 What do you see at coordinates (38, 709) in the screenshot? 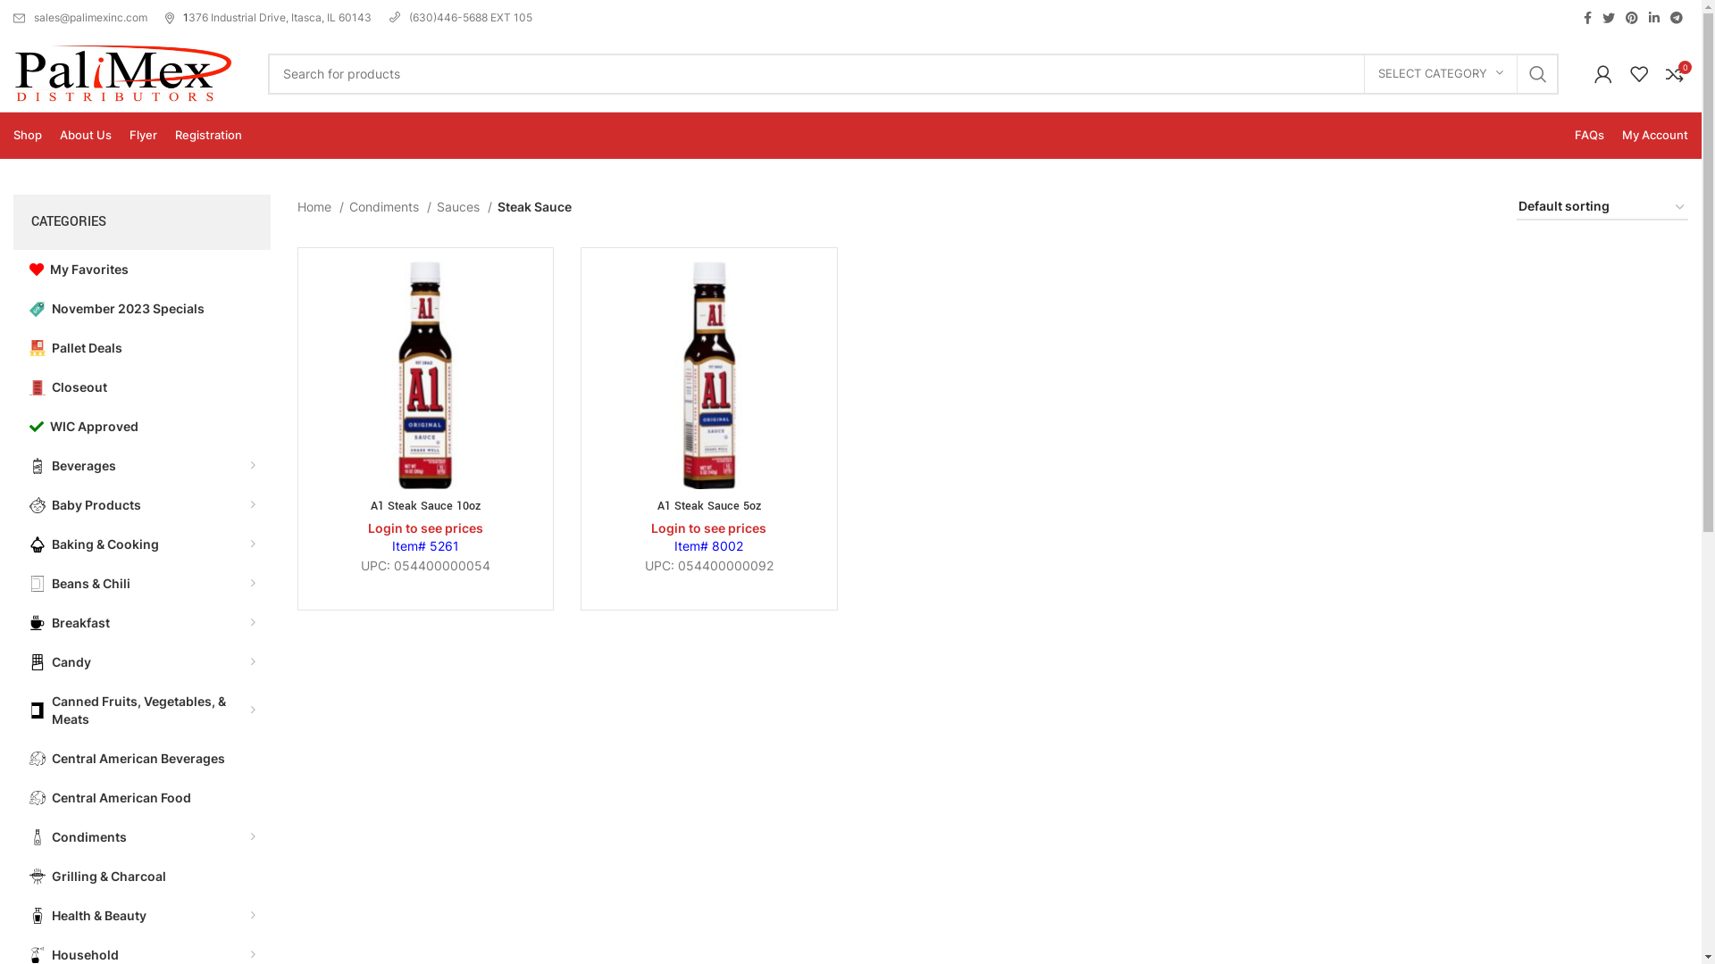
I see `'canned-food-tinned-food'` at bounding box center [38, 709].